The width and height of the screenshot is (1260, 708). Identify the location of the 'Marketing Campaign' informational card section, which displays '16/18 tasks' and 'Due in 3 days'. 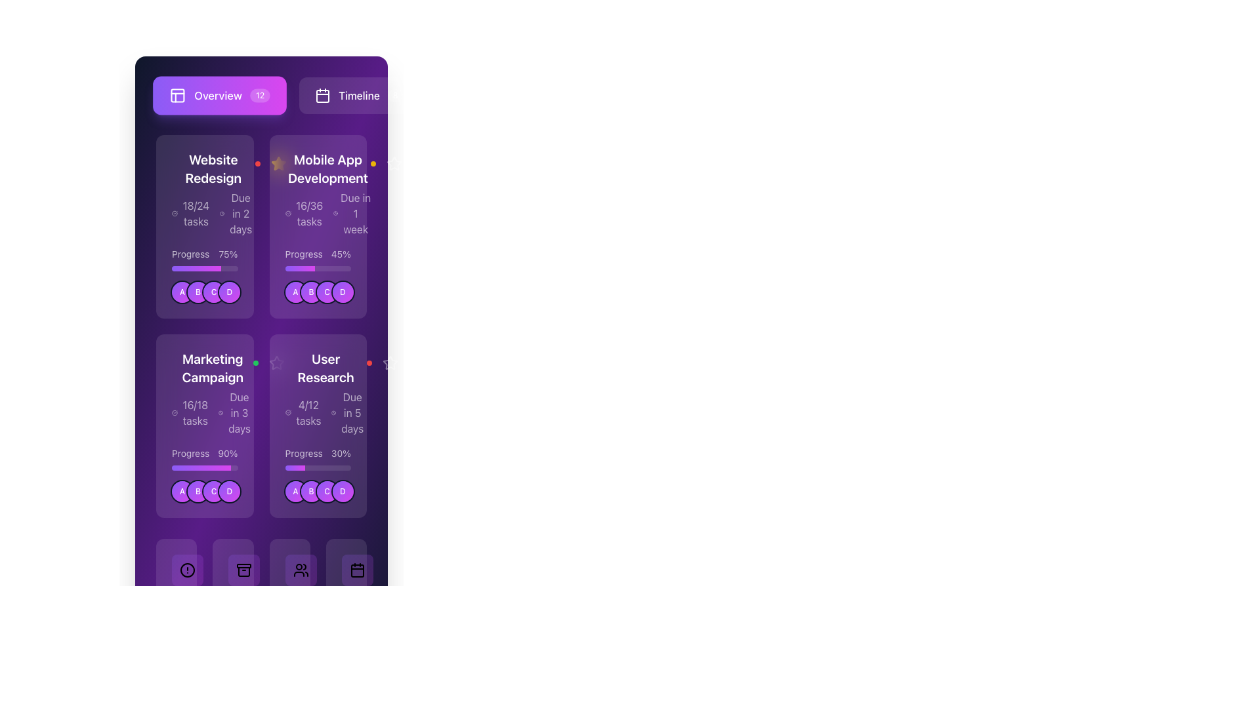
(204, 393).